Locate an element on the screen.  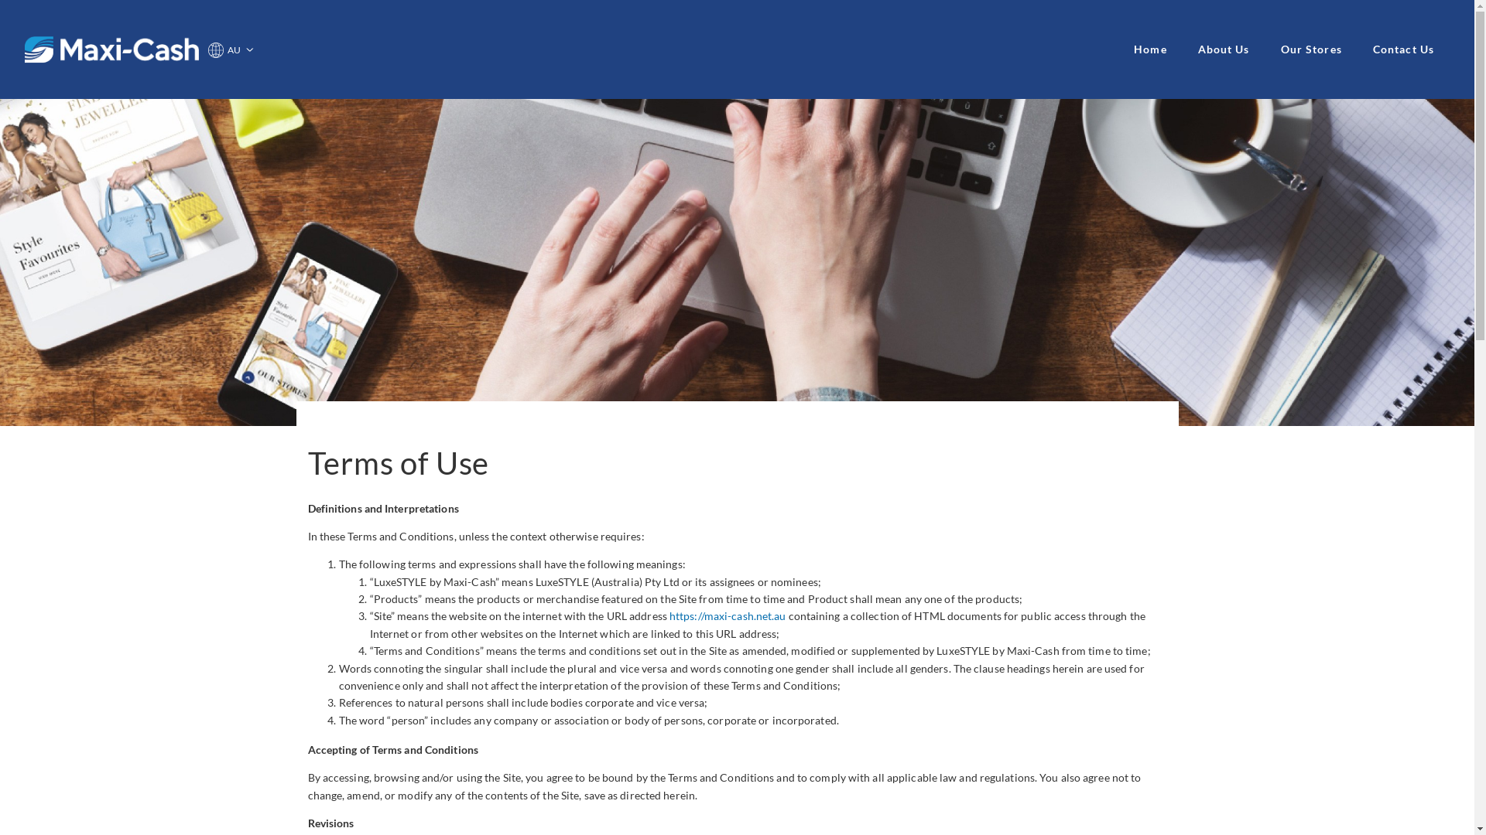
'https://maxi-cash.net.au' is located at coordinates (727, 615).